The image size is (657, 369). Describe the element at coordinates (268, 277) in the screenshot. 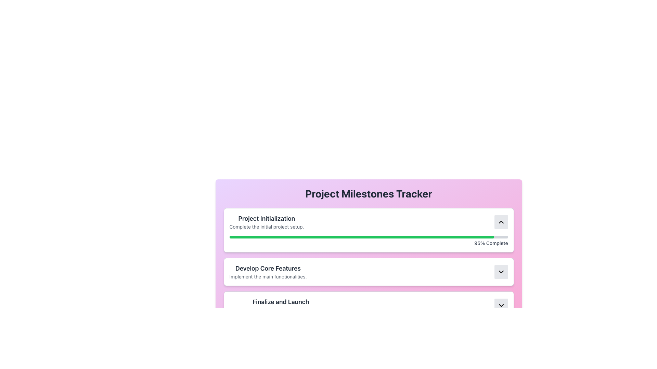

I see `descriptive text label that displays 'Implement the main functionalities.' positioned below the title 'Develop Core Features.'` at that location.